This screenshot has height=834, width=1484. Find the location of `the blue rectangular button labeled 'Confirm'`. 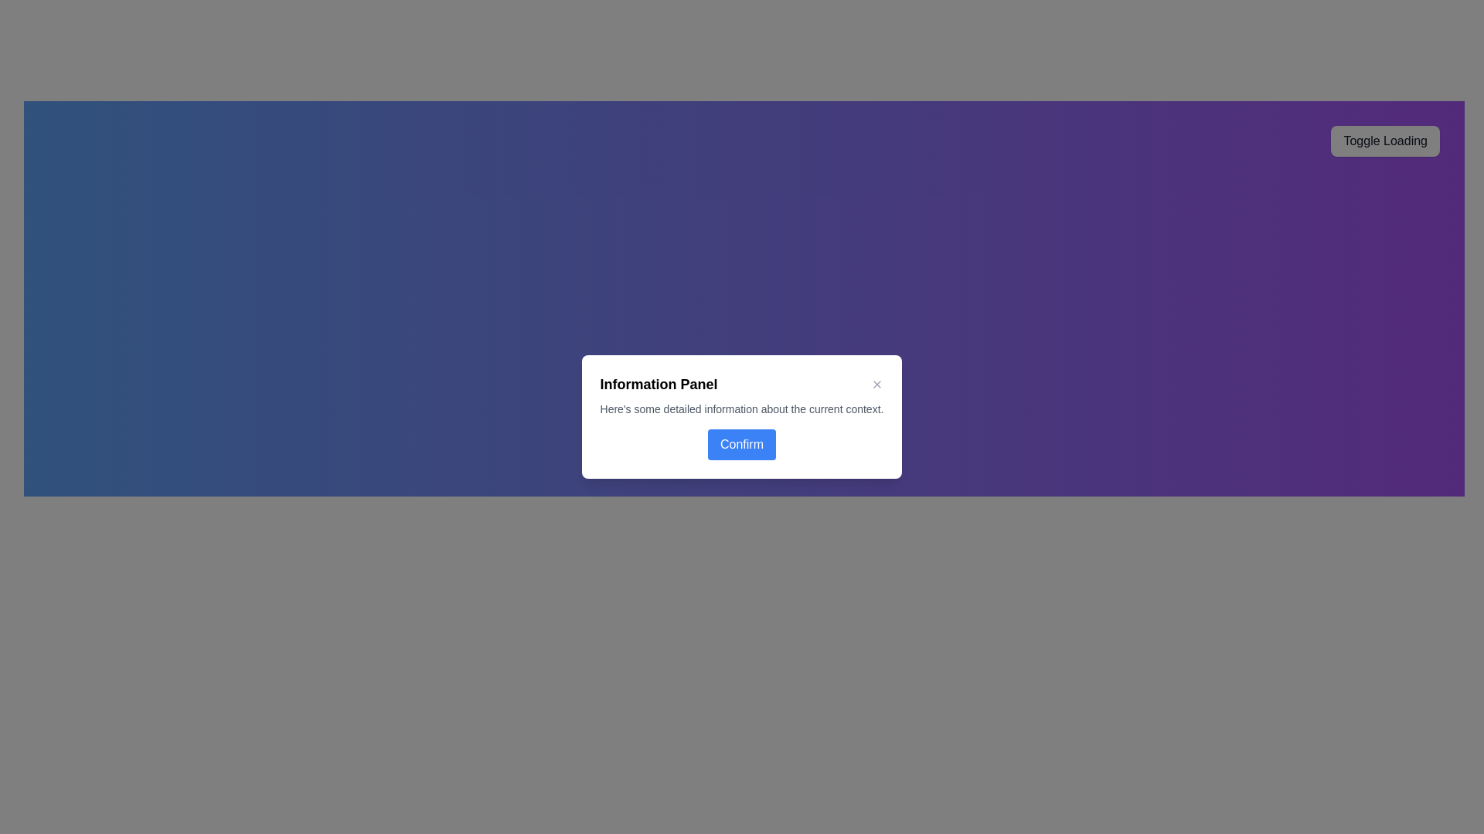

the blue rectangular button labeled 'Confirm' is located at coordinates (742, 444).